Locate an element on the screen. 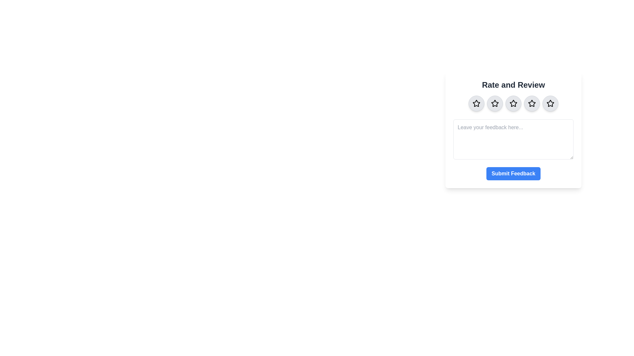 The width and height of the screenshot is (634, 356). the third star icon in the horizontal row of star rating icons is located at coordinates (513, 103).